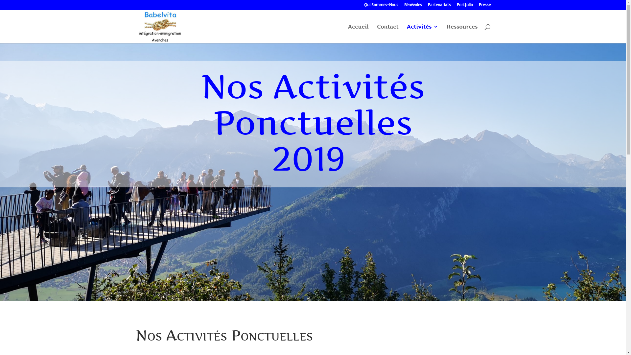 The height and width of the screenshot is (355, 631). Describe the element at coordinates (381, 6) in the screenshot. I see `'Qui Sommes-Nous'` at that location.